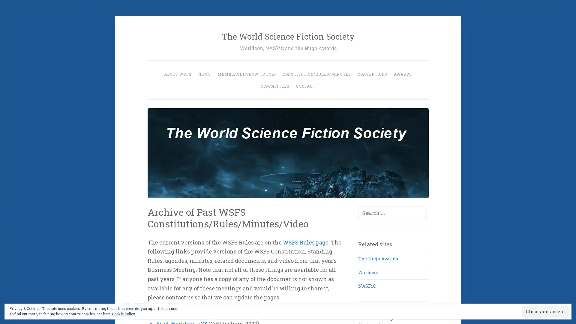 The width and height of the screenshot is (576, 324). Describe the element at coordinates (546, 311) in the screenshot. I see `Close and accept` at that location.